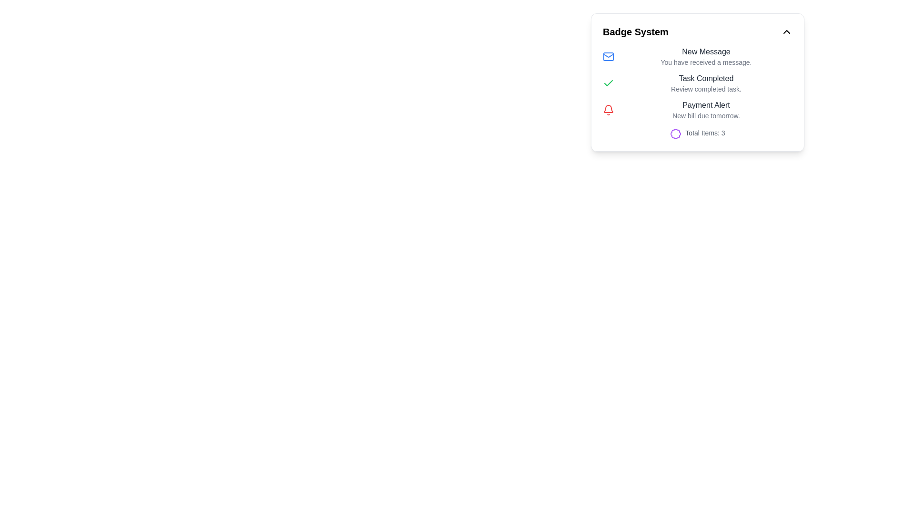 The image size is (915, 515). Describe the element at coordinates (706, 62) in the screenshot. I see `the text label that provides additional details about the 'New Message' heading, located below it within the 'Badge System' module` at that location.